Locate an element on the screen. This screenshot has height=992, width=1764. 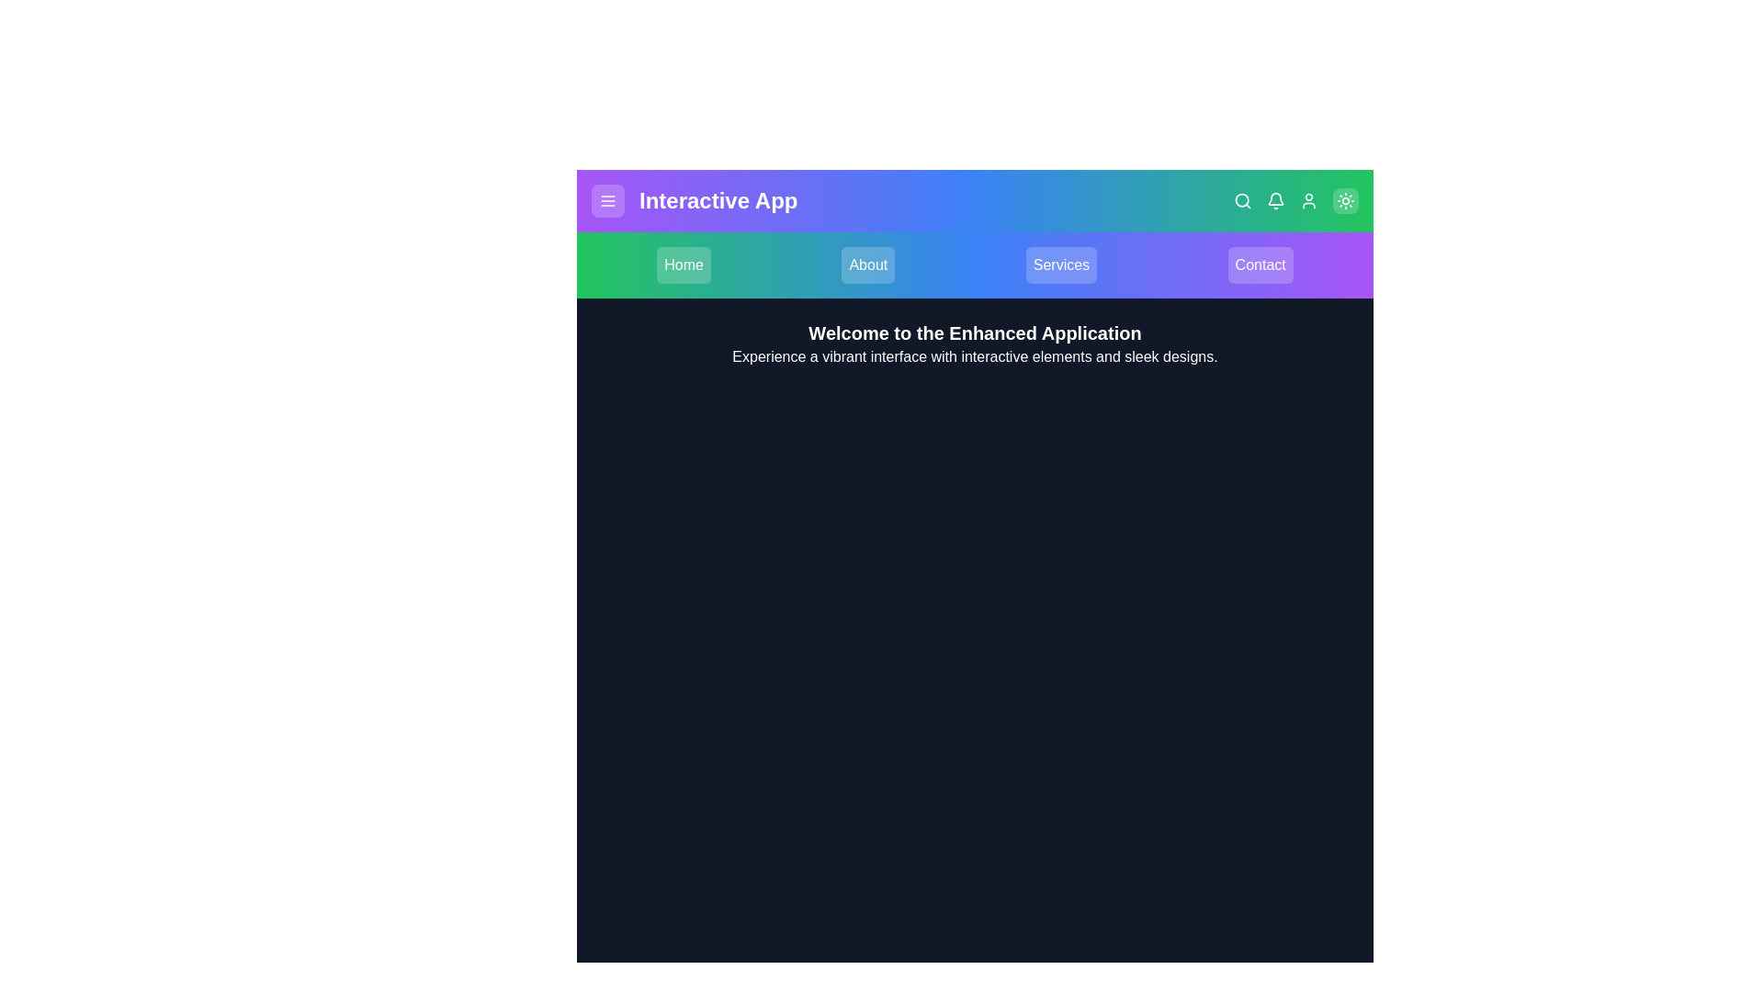
the navigation item Services to navigate to the corresponding section is located at coordinates (1061, 265).